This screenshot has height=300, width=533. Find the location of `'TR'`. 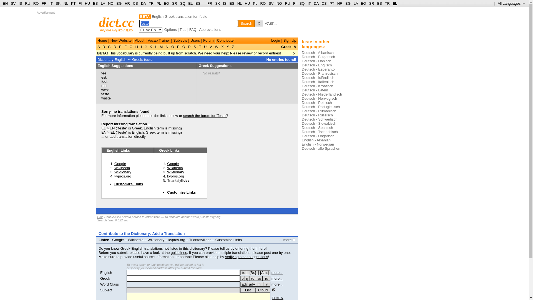

'TR' is located at coordinates (151, 3).